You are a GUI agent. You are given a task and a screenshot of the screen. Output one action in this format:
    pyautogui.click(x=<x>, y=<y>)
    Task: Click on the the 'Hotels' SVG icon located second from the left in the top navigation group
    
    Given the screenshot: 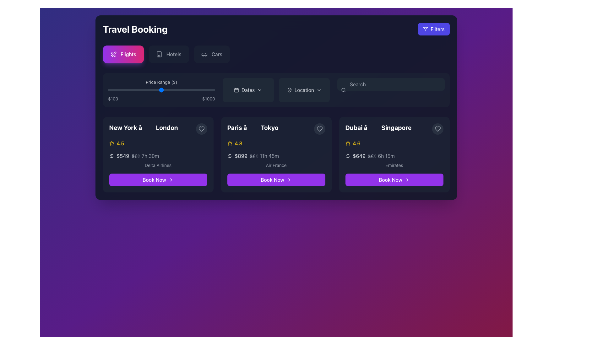 What is the action you would take?
    pyautogui.click(x=159, y=54)
    